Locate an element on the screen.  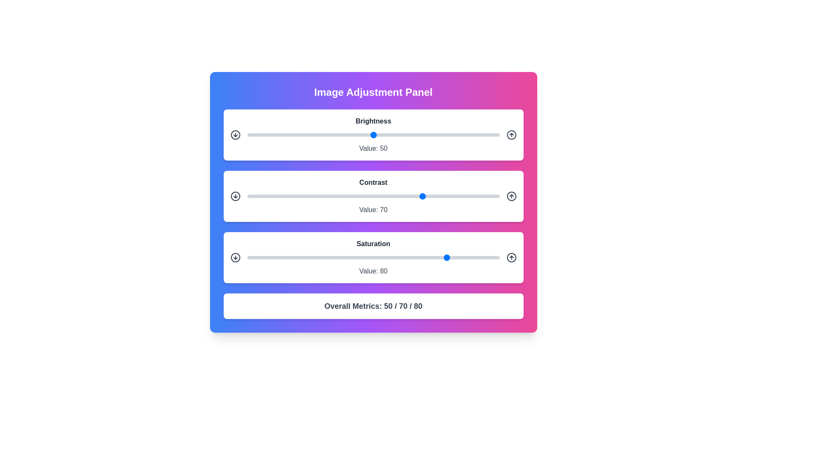
the slider value is located at coordinates (307, 257).